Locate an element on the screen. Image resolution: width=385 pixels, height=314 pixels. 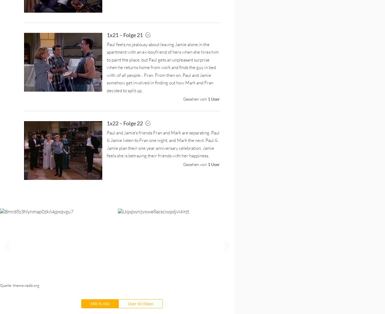
'User-Kritiken' is located at coordinates (140, 303).